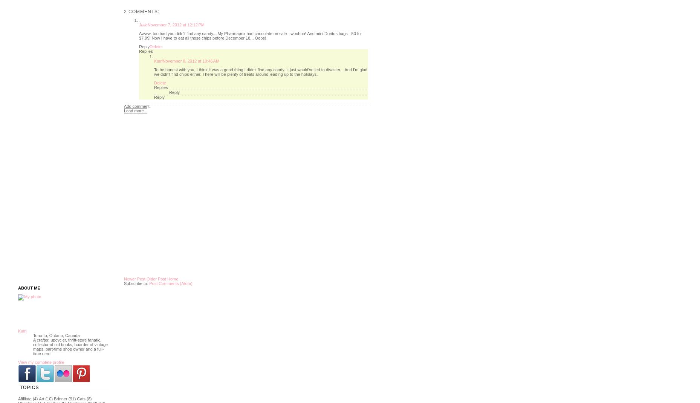 The image size is (700, 403). What do you see at coordinates (134, 278) in the screenshot?
I see `'Newer Post'` at bounding box center [134, 278].